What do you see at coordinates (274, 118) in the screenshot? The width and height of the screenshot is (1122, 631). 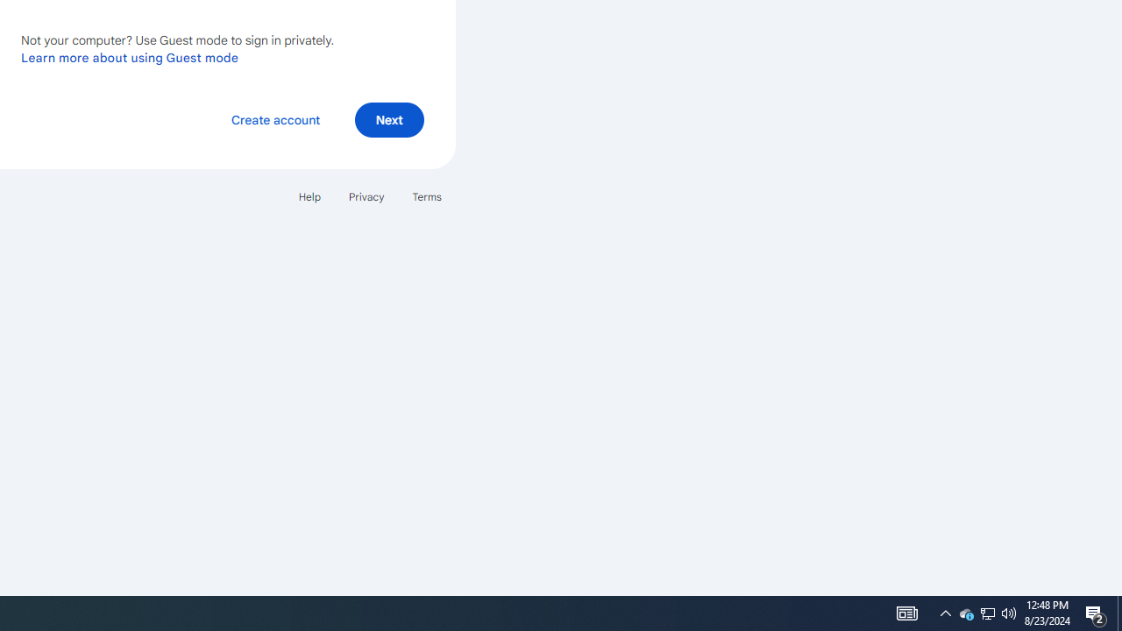 I see `'Create account'` at bounding box center [274, 118].